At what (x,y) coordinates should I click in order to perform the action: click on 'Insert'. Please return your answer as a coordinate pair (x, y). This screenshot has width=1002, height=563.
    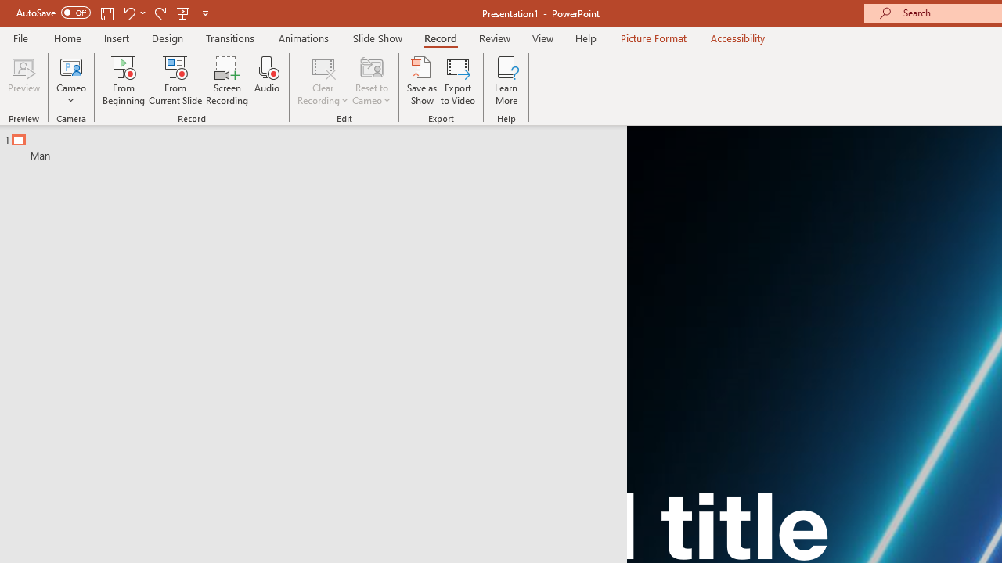
    Looking at the image, I should click on (116, 38).